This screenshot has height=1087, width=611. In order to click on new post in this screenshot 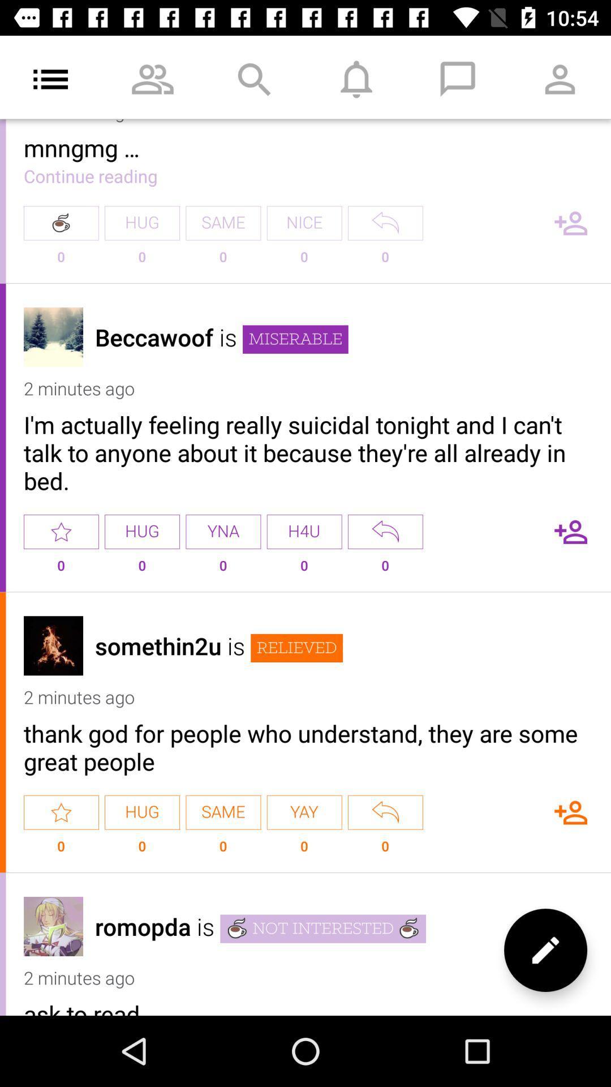, I will do `click(545, 950)`.